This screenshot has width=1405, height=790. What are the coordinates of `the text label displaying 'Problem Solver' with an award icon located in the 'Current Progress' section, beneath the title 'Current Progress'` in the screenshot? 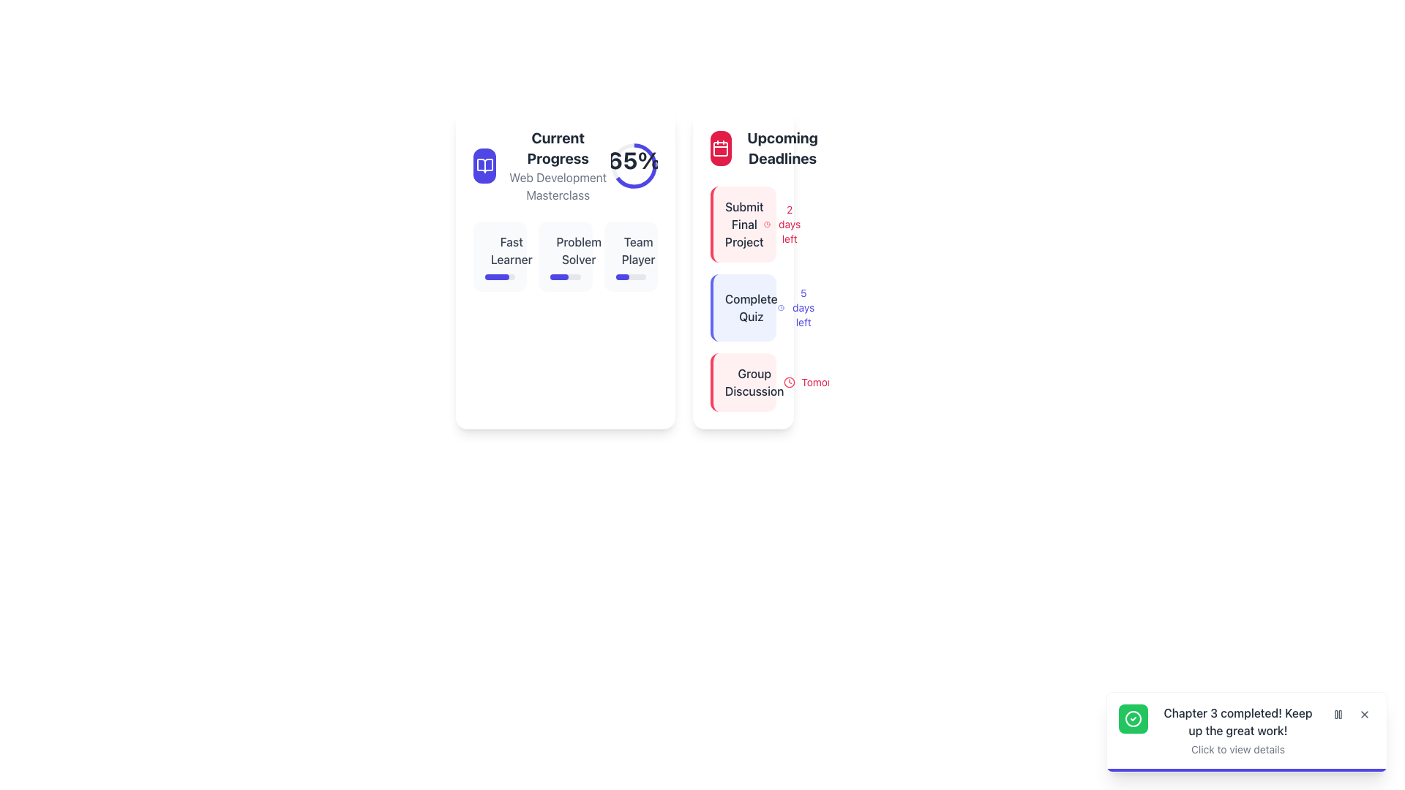 It's located at (564, 250).